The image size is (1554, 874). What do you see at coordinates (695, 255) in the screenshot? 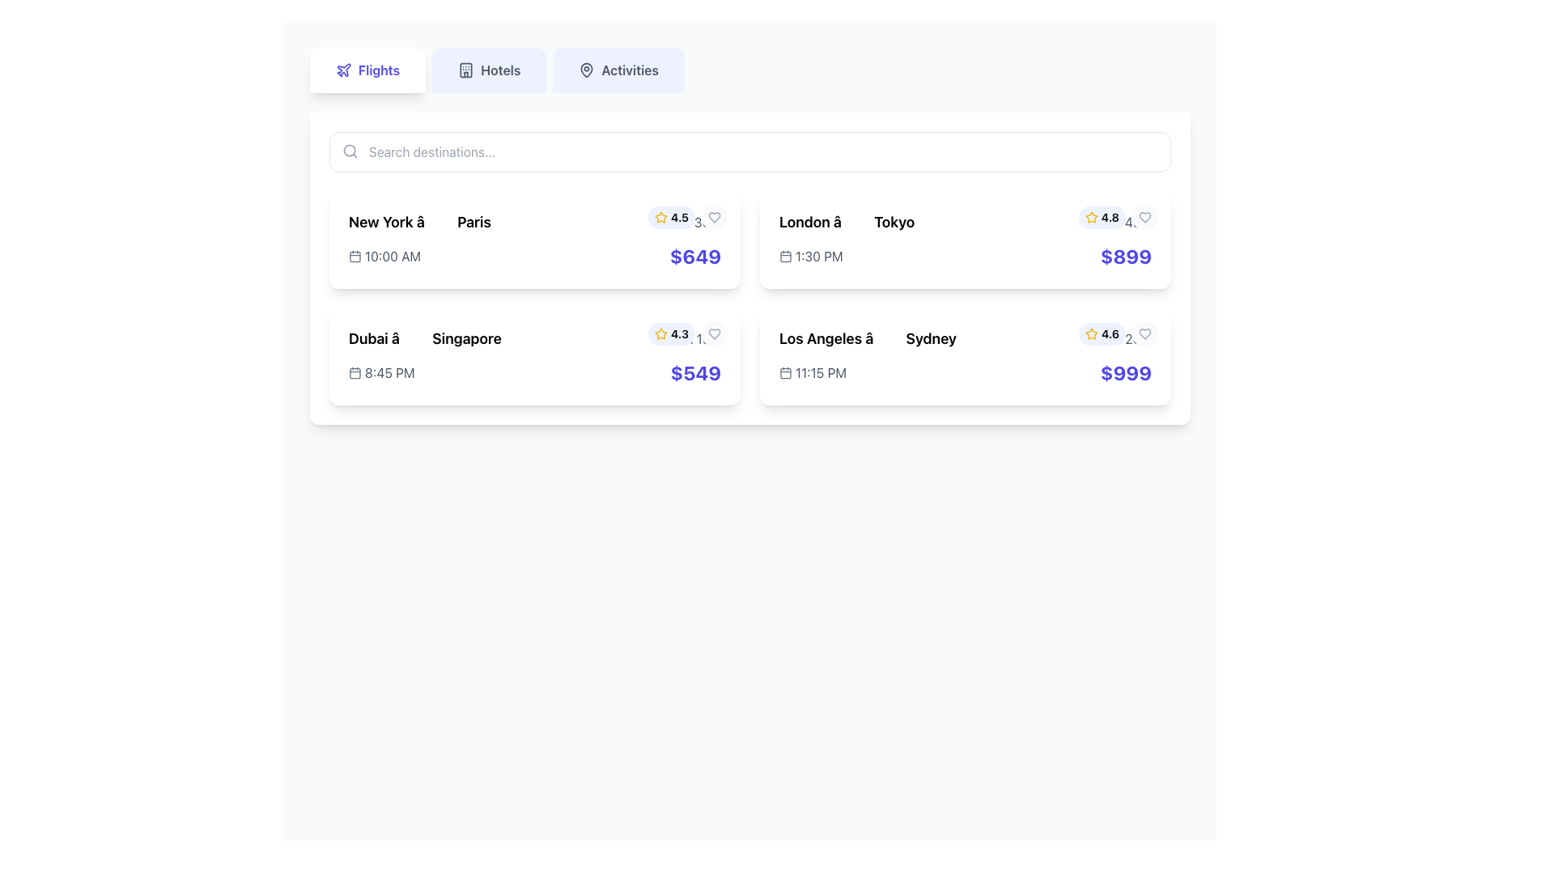
I see `text displayed in the price label '$649', which is styled in bold, large indigo font and is located near the right edge of the first card in the top row of flight information` at bounding box center [695, 255].